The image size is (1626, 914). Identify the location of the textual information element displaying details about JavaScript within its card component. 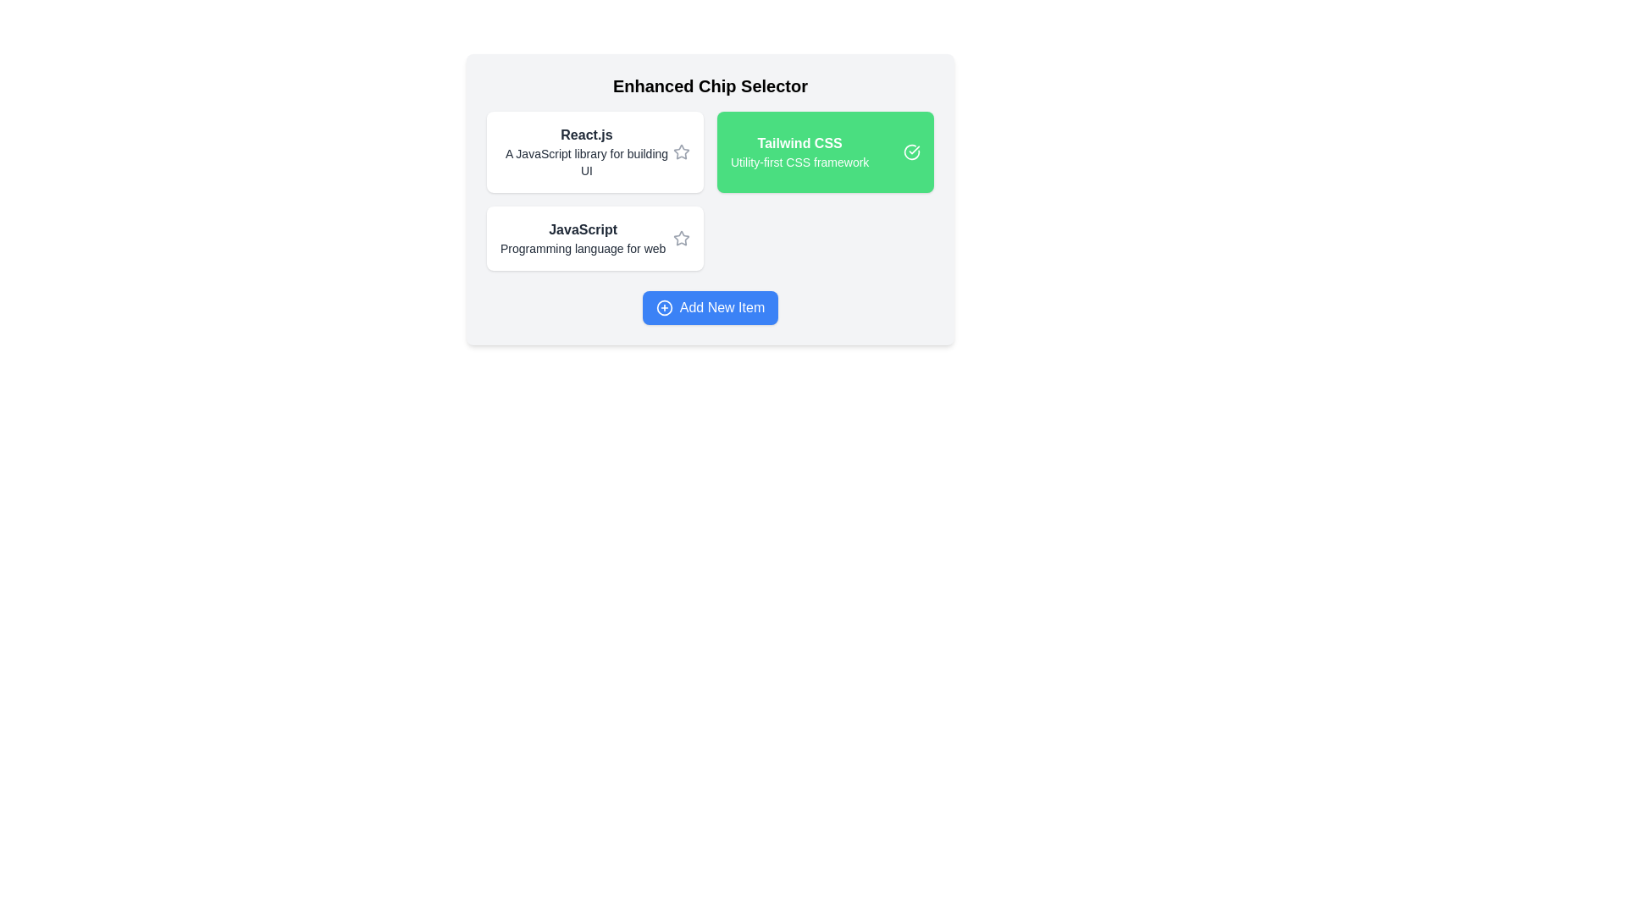
(583, 238).